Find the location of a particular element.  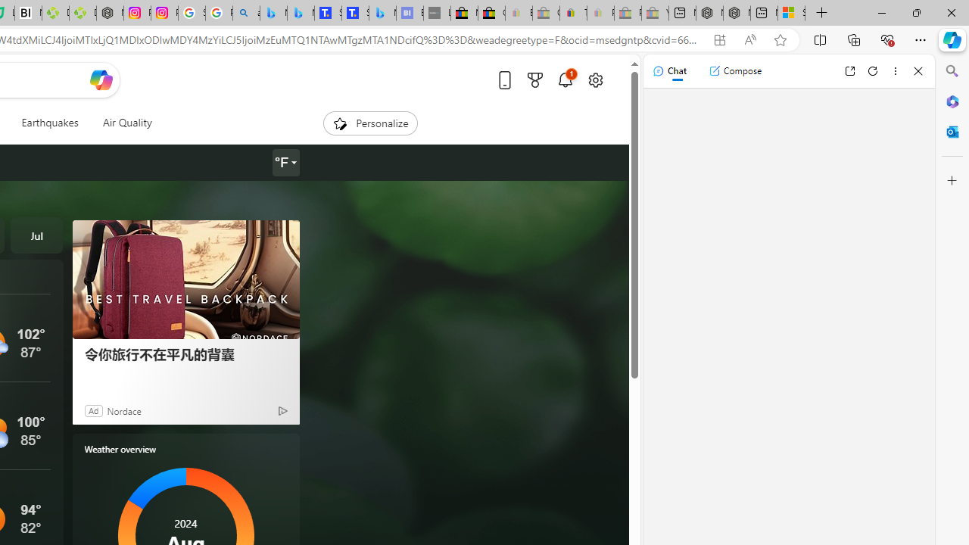

'Weather settings' is located at coordinates (285, 163).